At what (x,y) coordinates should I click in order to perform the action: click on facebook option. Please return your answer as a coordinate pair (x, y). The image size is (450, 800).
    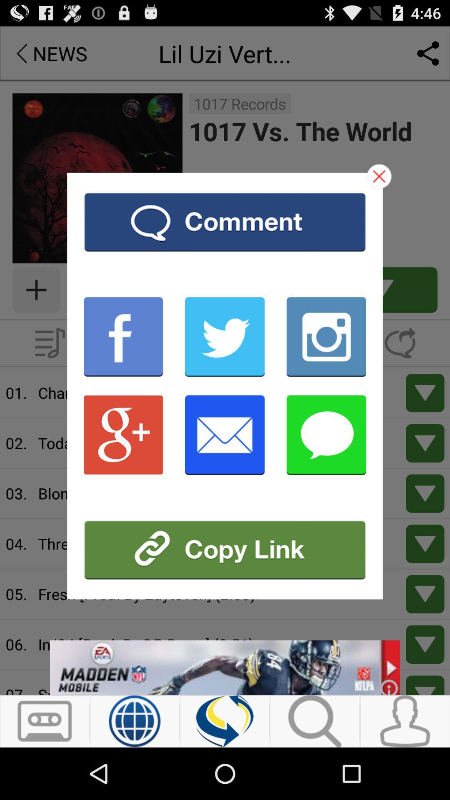
    Looking at the image, I should click on (123, 337).